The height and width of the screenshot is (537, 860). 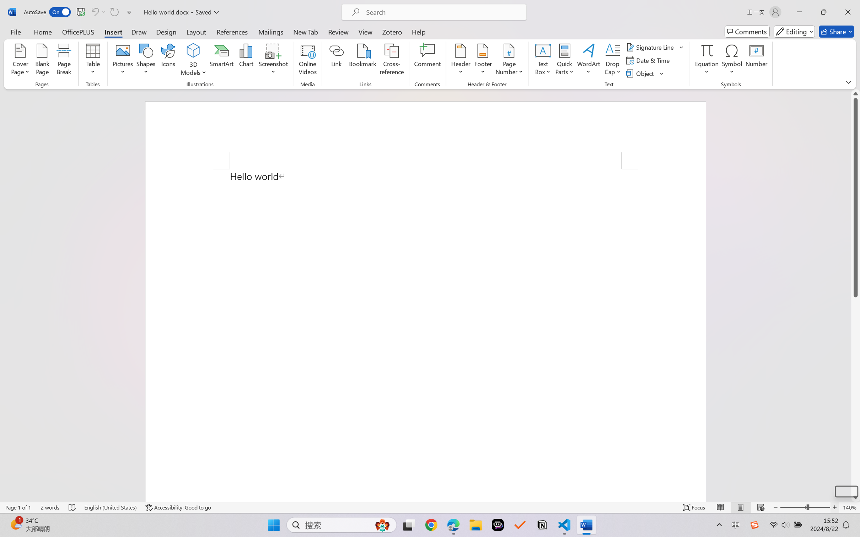 What do you see at coordinates (79, 12) in the screenshot?
I see `'Quick Access Toolbar'` at bounding box center [79, 12].